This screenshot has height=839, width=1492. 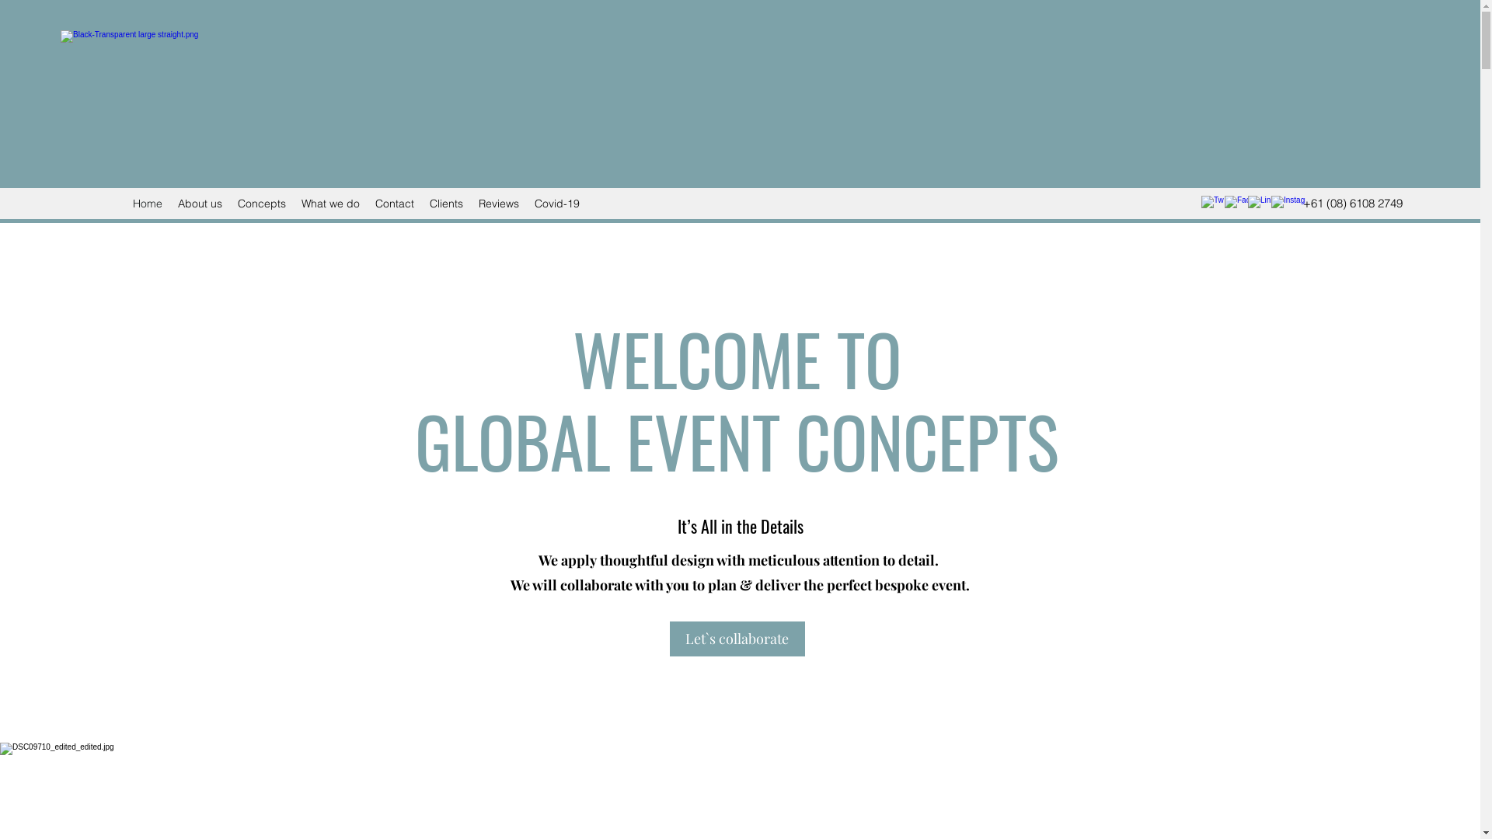 What do you see at coordinates (499, 203) in the screenshot?
I see `'Reviews'` at bounding box center [499, 203].